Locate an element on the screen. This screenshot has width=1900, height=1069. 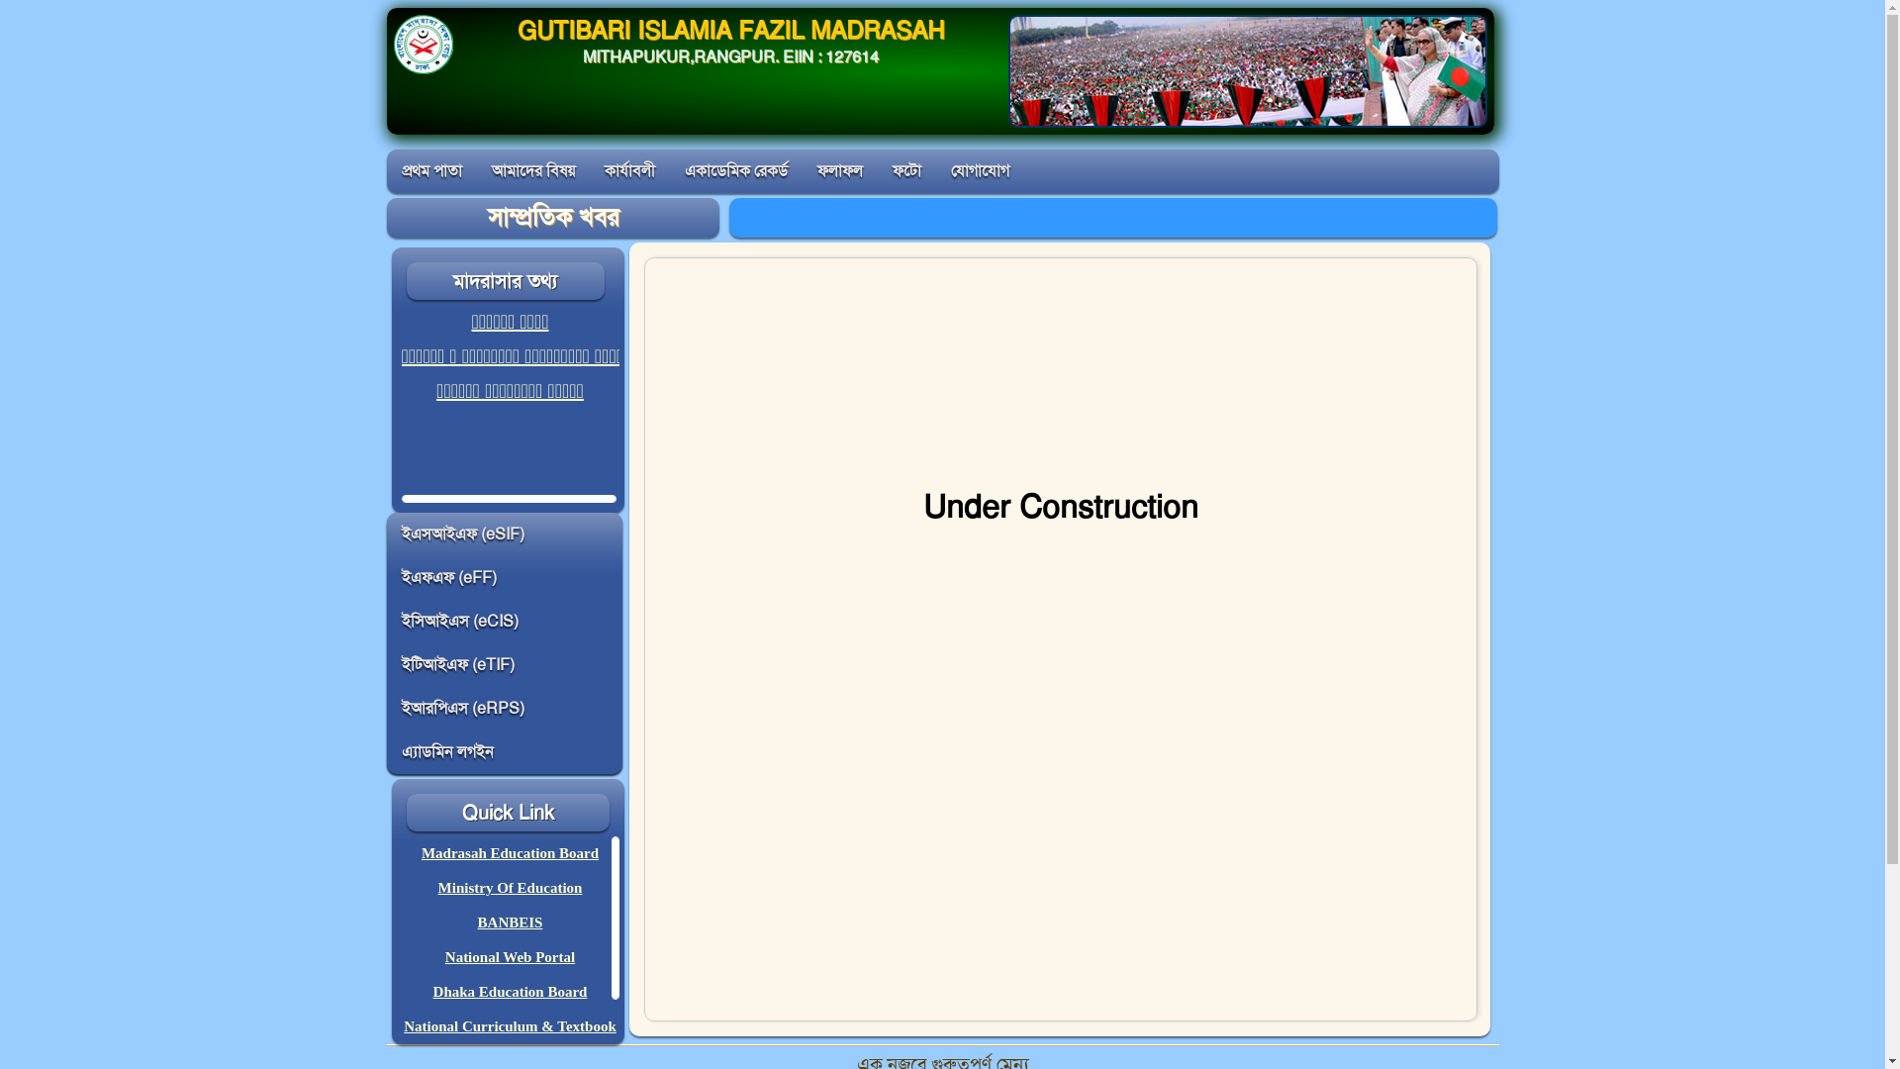
'National Web Portal' is located at coordinates (444, 956).